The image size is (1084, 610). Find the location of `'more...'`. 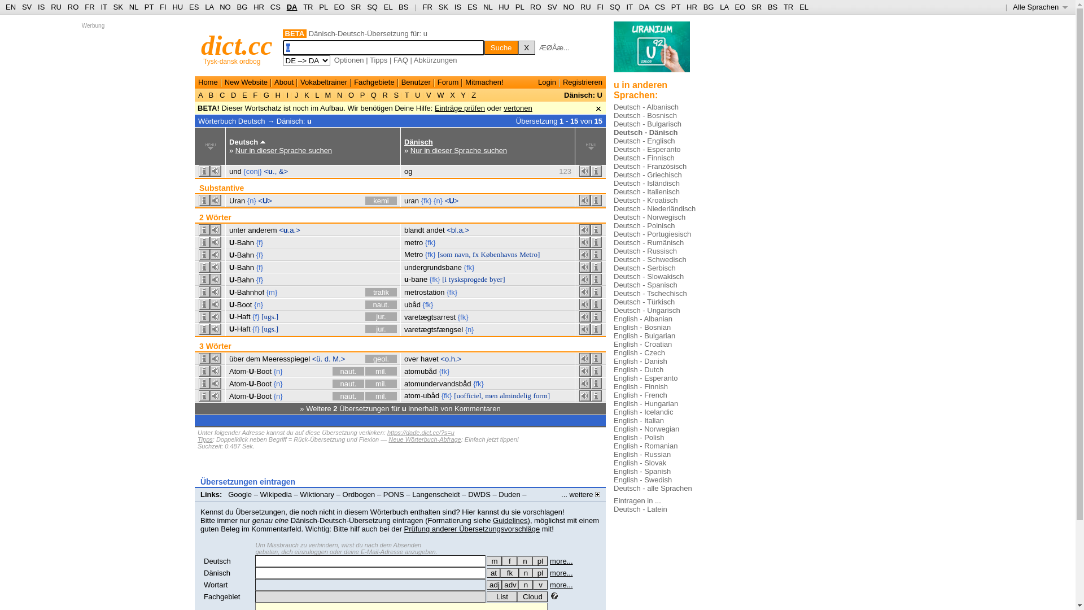

'more...' is located at coordinates (561, 573).